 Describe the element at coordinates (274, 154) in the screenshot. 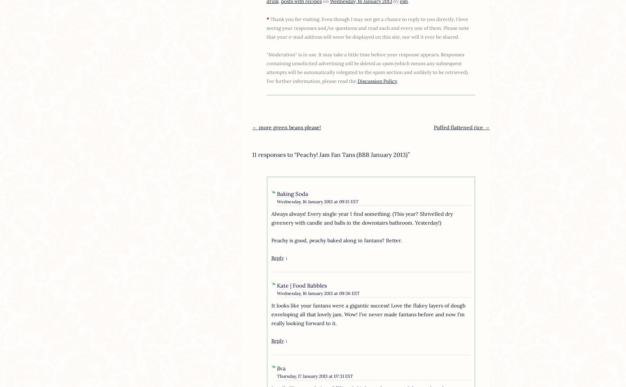

I see `'11 responses to “'` at that location.